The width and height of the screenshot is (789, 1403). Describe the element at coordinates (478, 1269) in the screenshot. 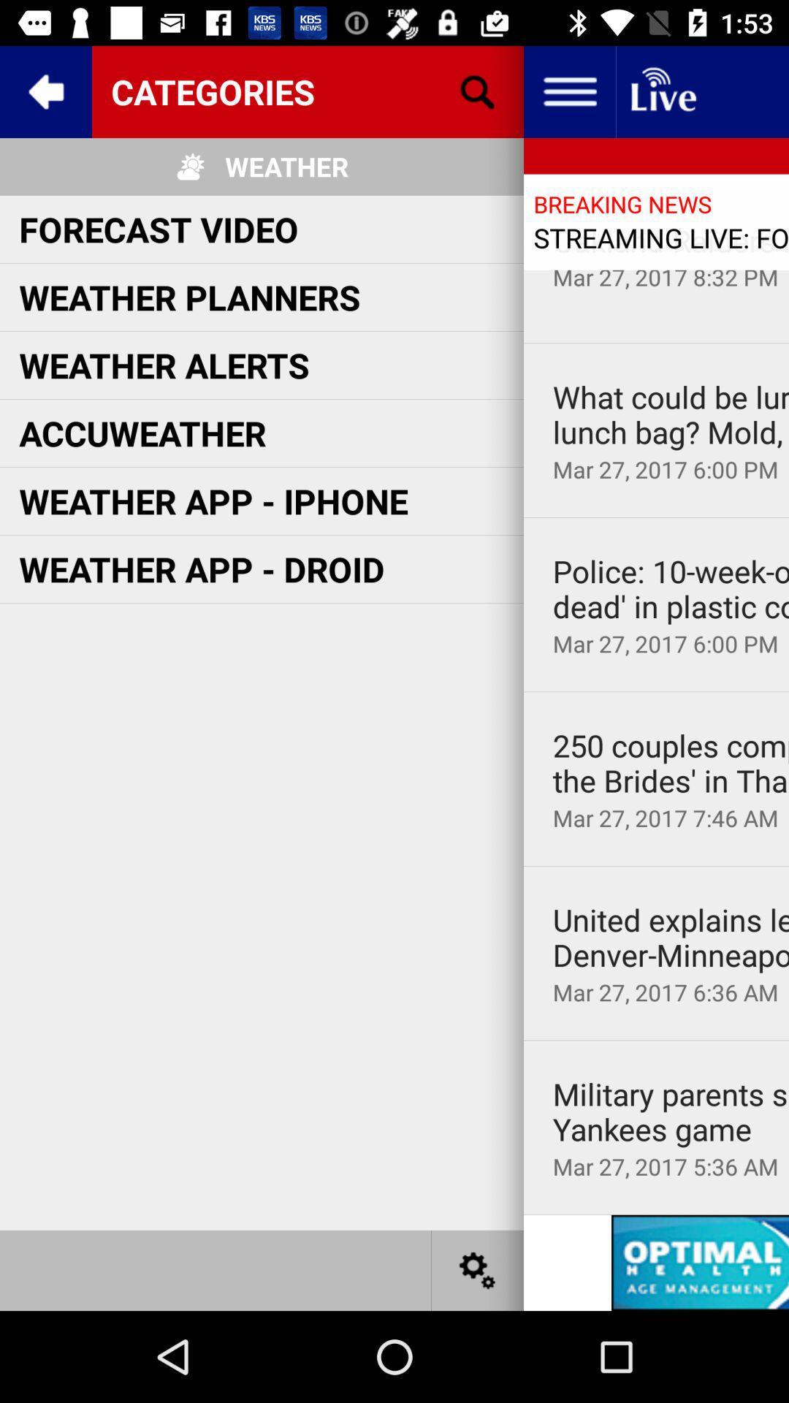

I see `the settings icon` at that location.